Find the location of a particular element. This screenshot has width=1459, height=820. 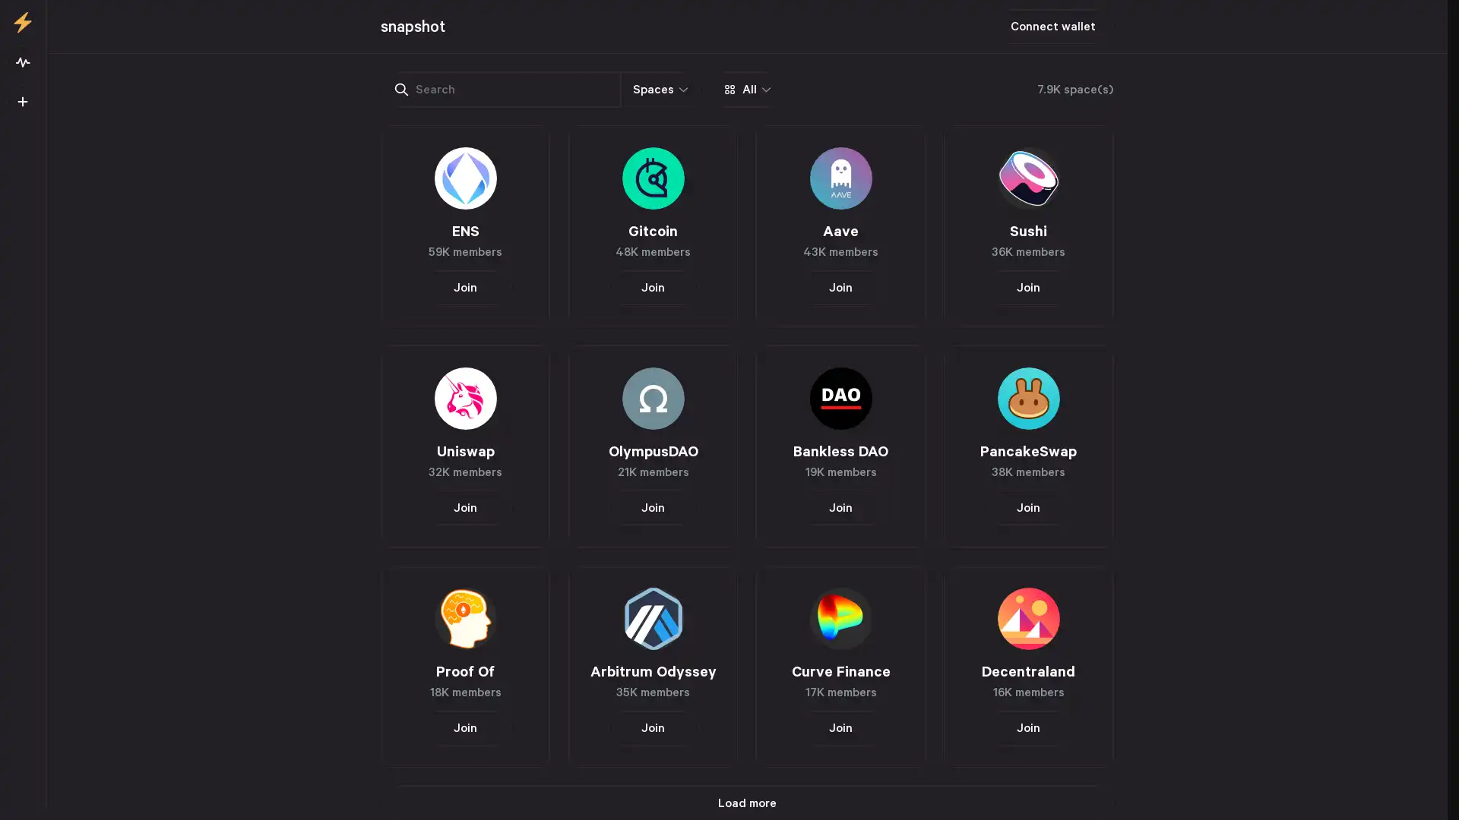

Join is located at coordinates (1028, 507).